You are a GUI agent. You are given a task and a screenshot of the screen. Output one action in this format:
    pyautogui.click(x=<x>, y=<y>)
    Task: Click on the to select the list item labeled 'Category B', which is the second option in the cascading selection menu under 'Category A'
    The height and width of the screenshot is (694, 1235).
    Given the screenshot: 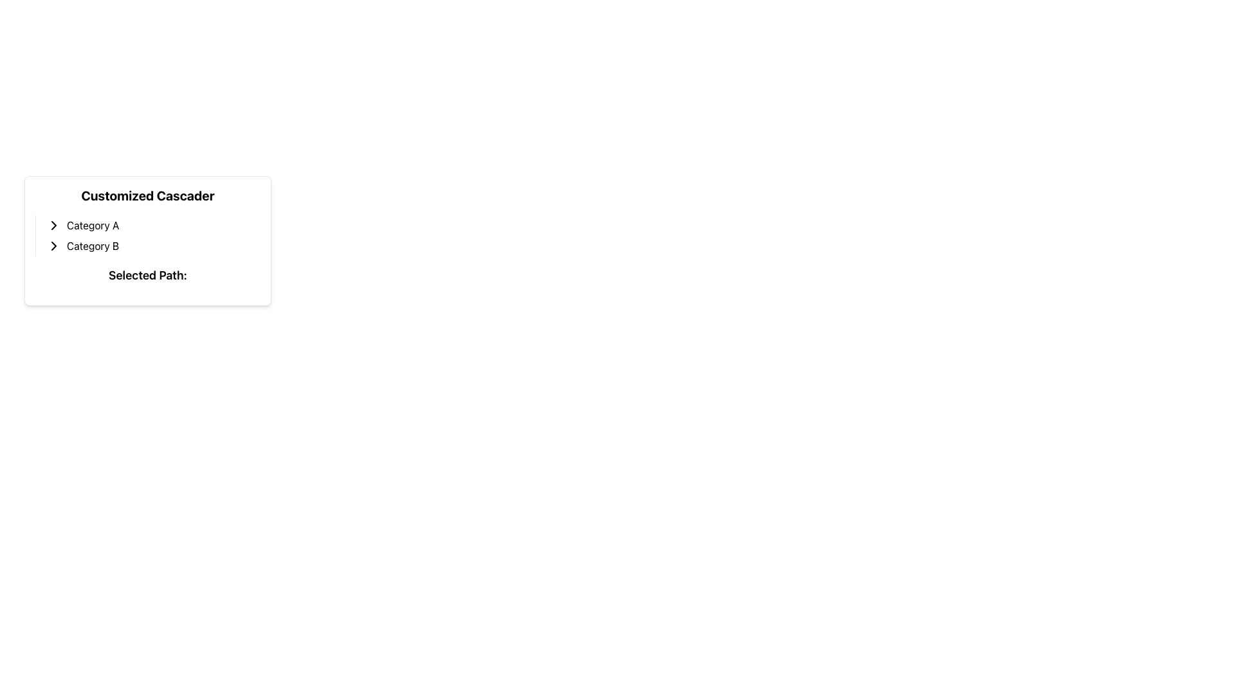 What is the action you would take?
    pyautogui.click(x=153, y=245)
    